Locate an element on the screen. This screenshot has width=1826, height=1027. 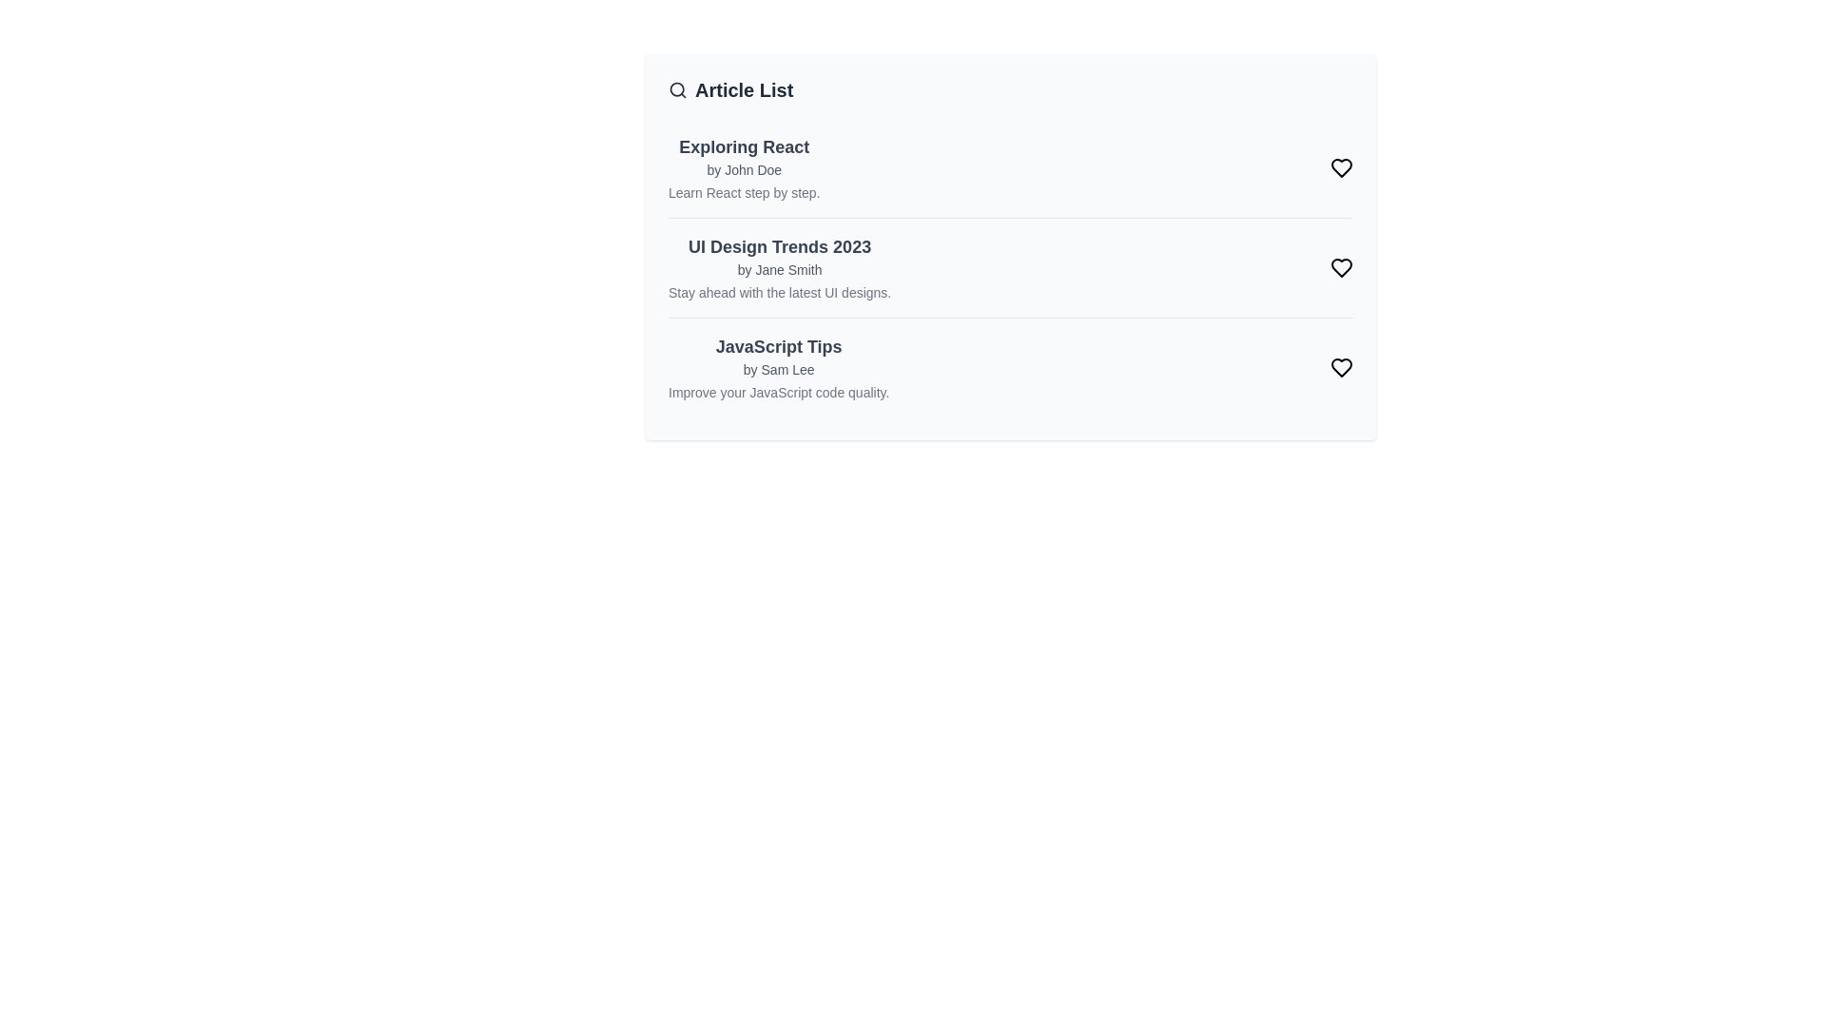
the heart icon of the article titled 'UI Design Trends 2023' to toggle its like status is located at coordinates (1341, 267).